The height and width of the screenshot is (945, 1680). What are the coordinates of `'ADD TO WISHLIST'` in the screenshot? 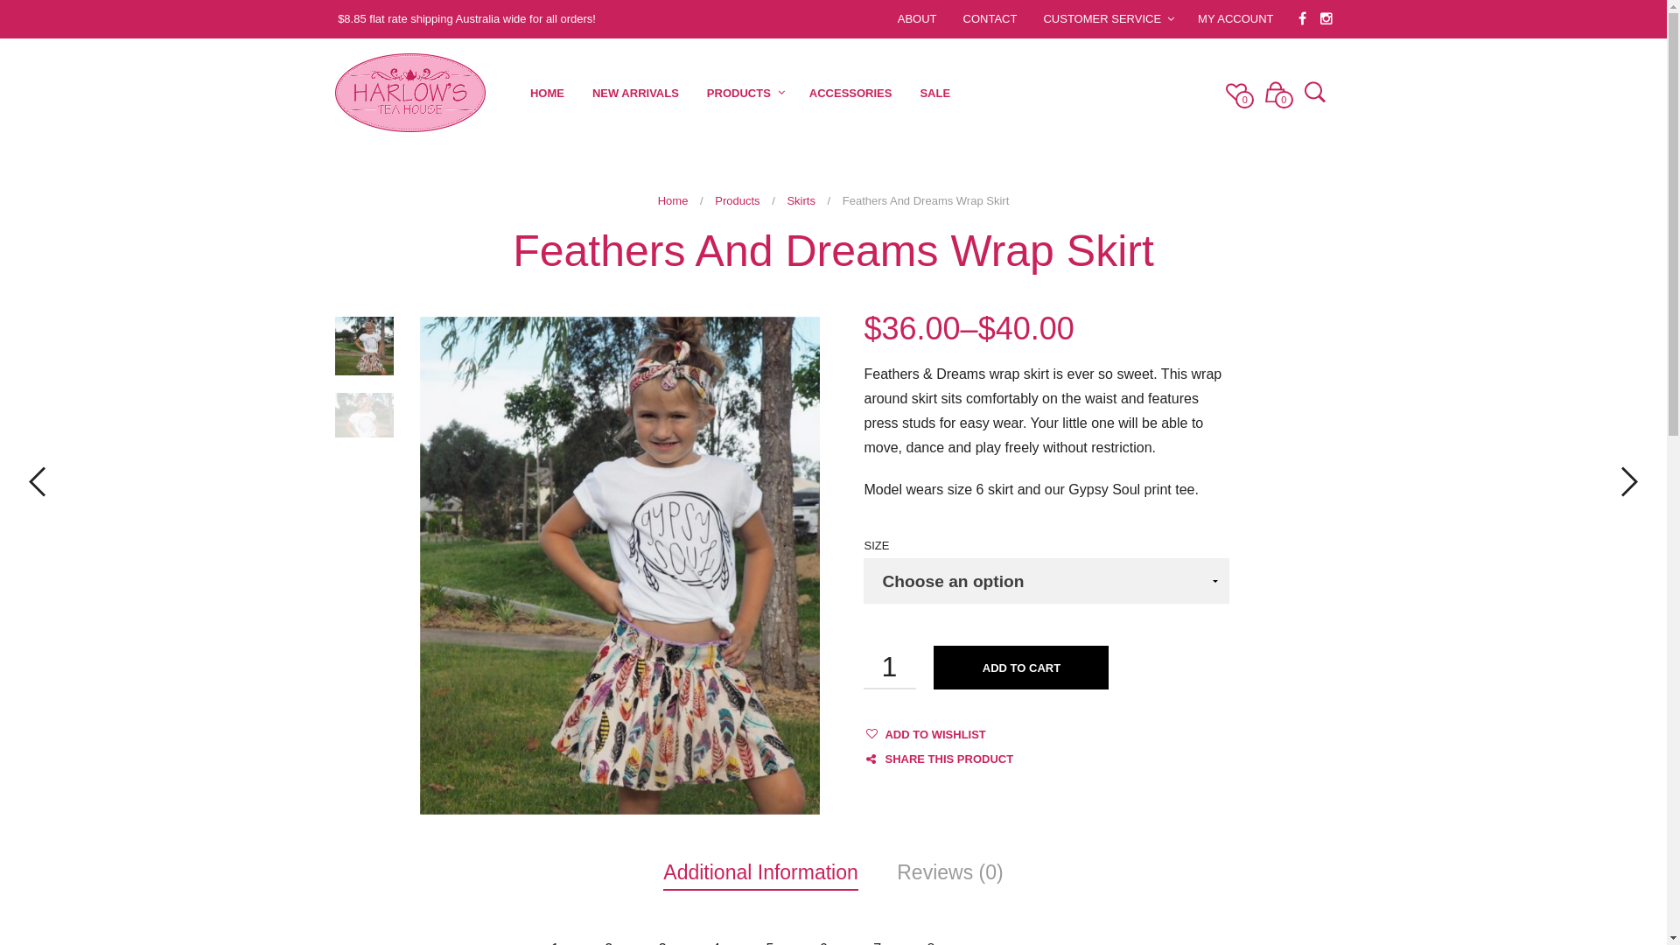 It's located at (885, 734).